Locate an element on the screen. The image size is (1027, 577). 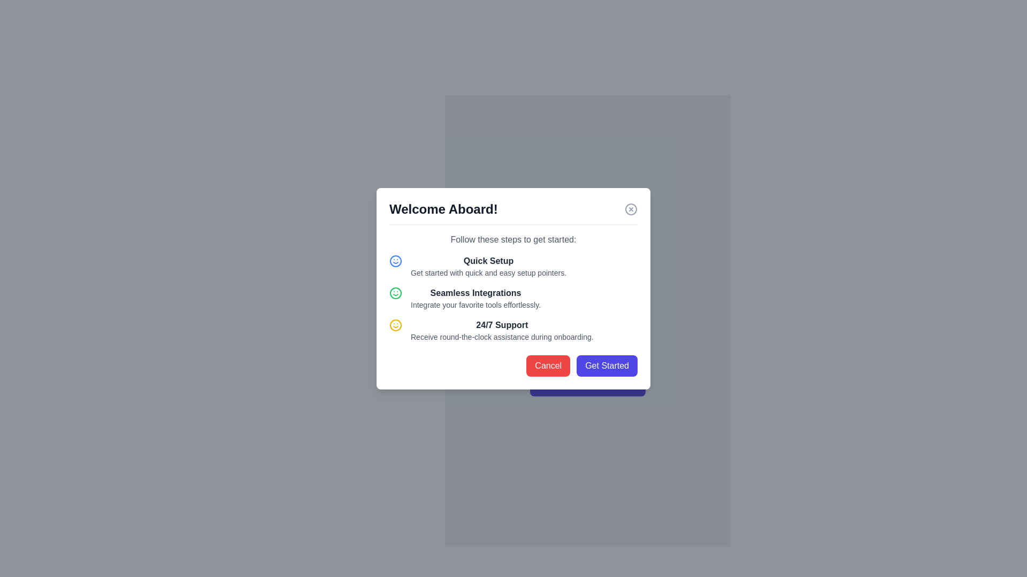
the text block labeled '24/7 Support' which features a bold header and a description, positioned between 'Seamless Integrations' and the action buttons in the modal dialog is located at coordinates (501, 330).